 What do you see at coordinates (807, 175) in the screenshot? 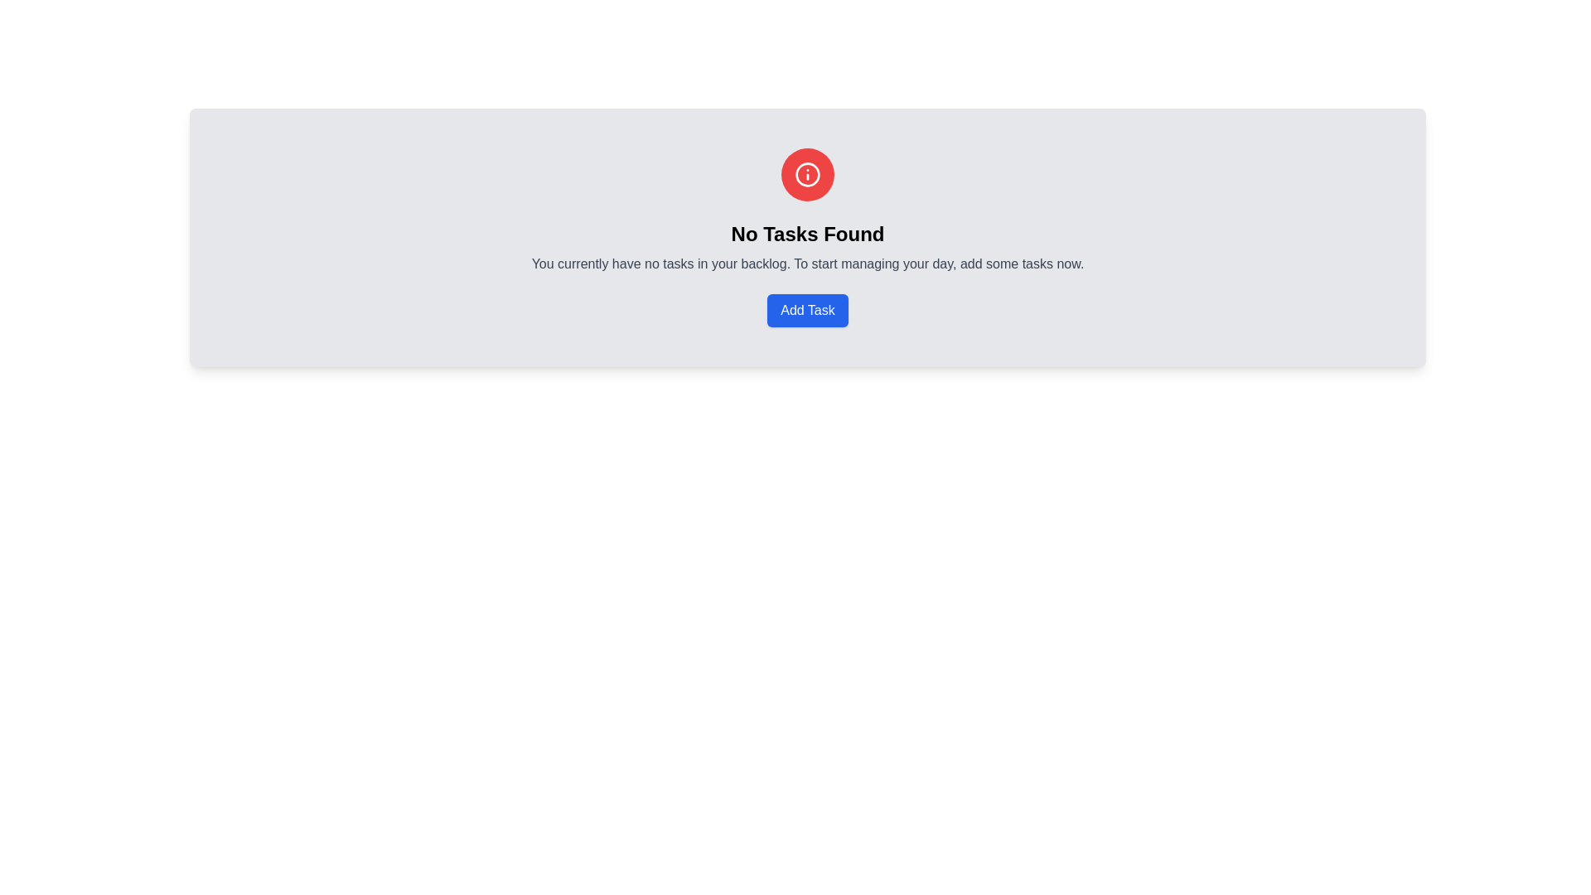
I see `the circular red icon with a white information symbol, which is positioned above the 'No Tasks Found' title` at bounding box center [807, 175].